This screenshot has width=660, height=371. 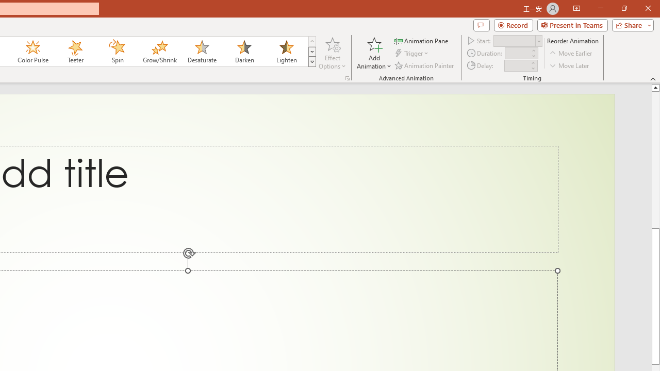 I want to click on 'Animation Pane', so click(x=422, y=40).